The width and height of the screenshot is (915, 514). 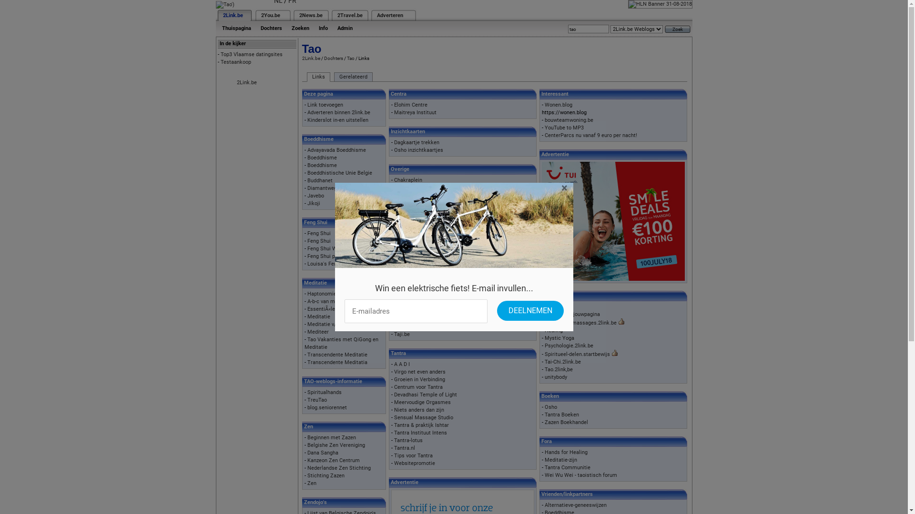 What do you see at coordinates (560, 459) in the screenshot?
I see `'Meditatie-zijn'` at bounding box center [560, 459].